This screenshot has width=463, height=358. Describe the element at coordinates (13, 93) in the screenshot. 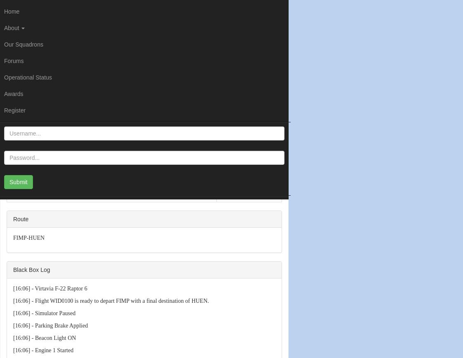

I see `'Awards'` at that location.